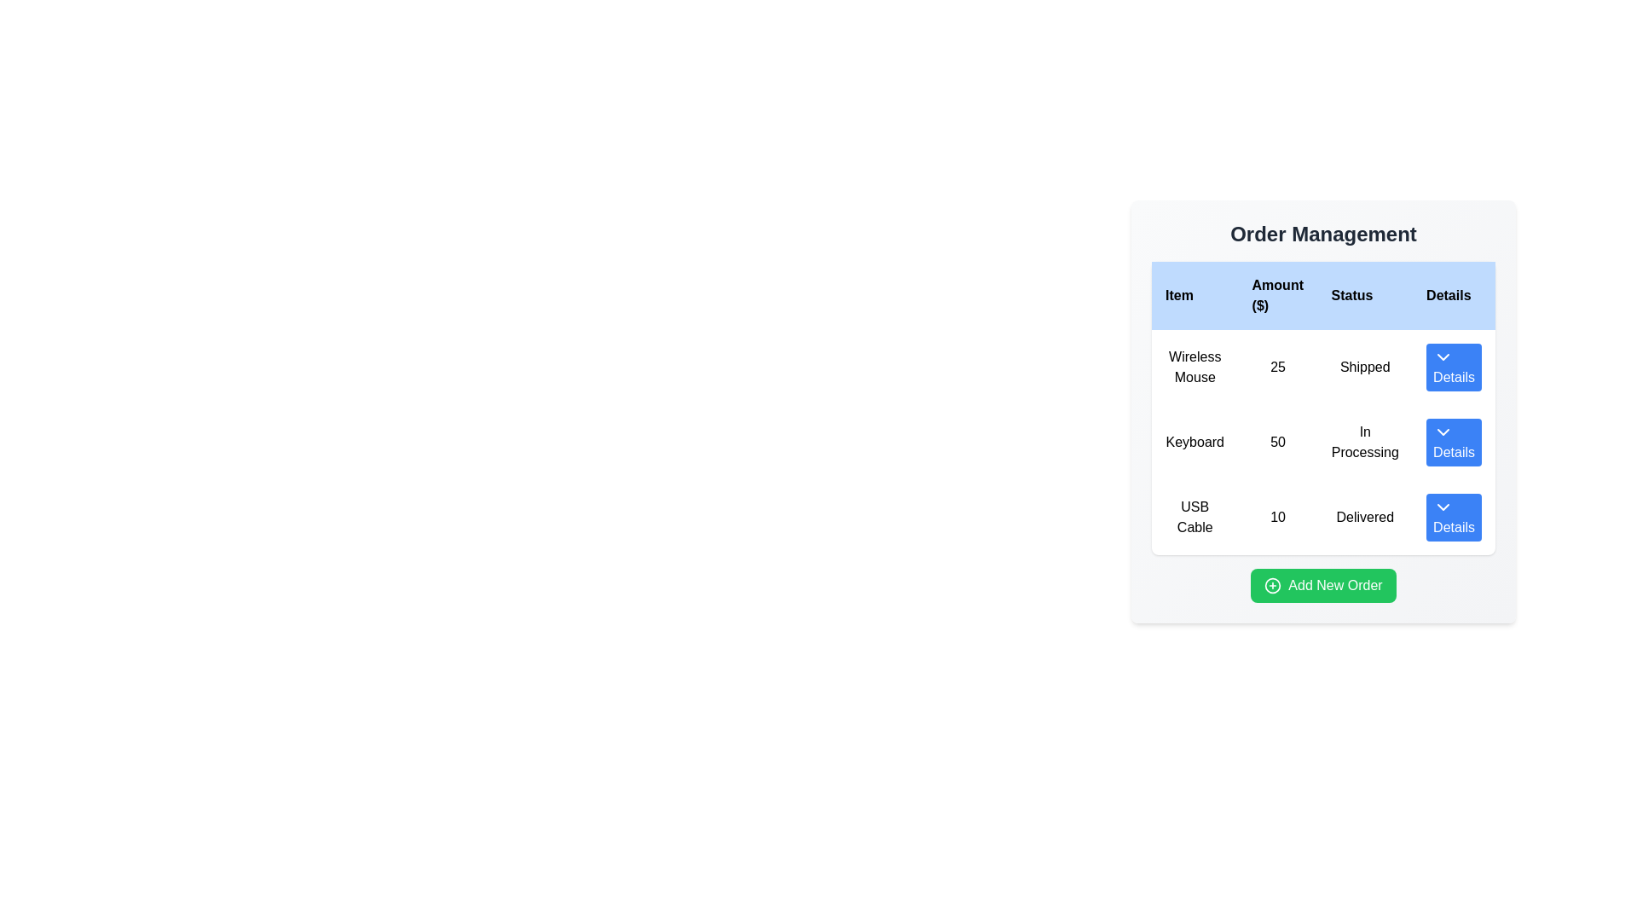 Image resolution: width=1637 pixels, height=921 pixels. What do you see at coordinates (1453, 367) in the screenshot?
I see `the 'Details' button for the 'Wireless Mouse' item` at bounding box center [1453, 367].